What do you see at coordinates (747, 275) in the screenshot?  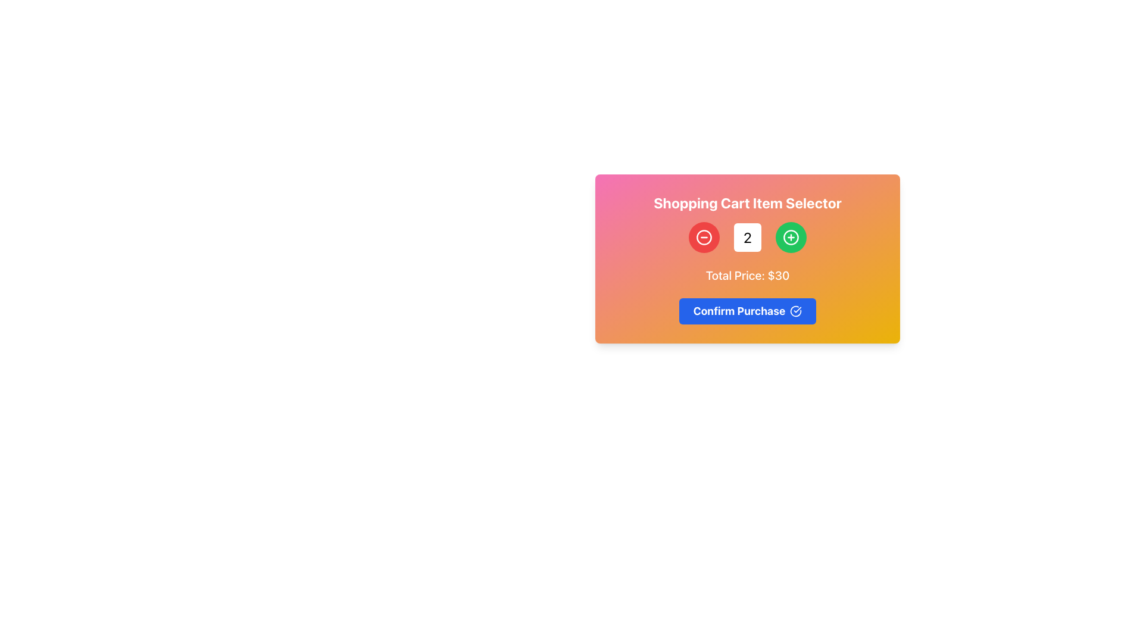 I see `the text label displaying 'Total Price: $30', which is centrally positioned in the shopping cart interface` at bounding box center [747, 275].